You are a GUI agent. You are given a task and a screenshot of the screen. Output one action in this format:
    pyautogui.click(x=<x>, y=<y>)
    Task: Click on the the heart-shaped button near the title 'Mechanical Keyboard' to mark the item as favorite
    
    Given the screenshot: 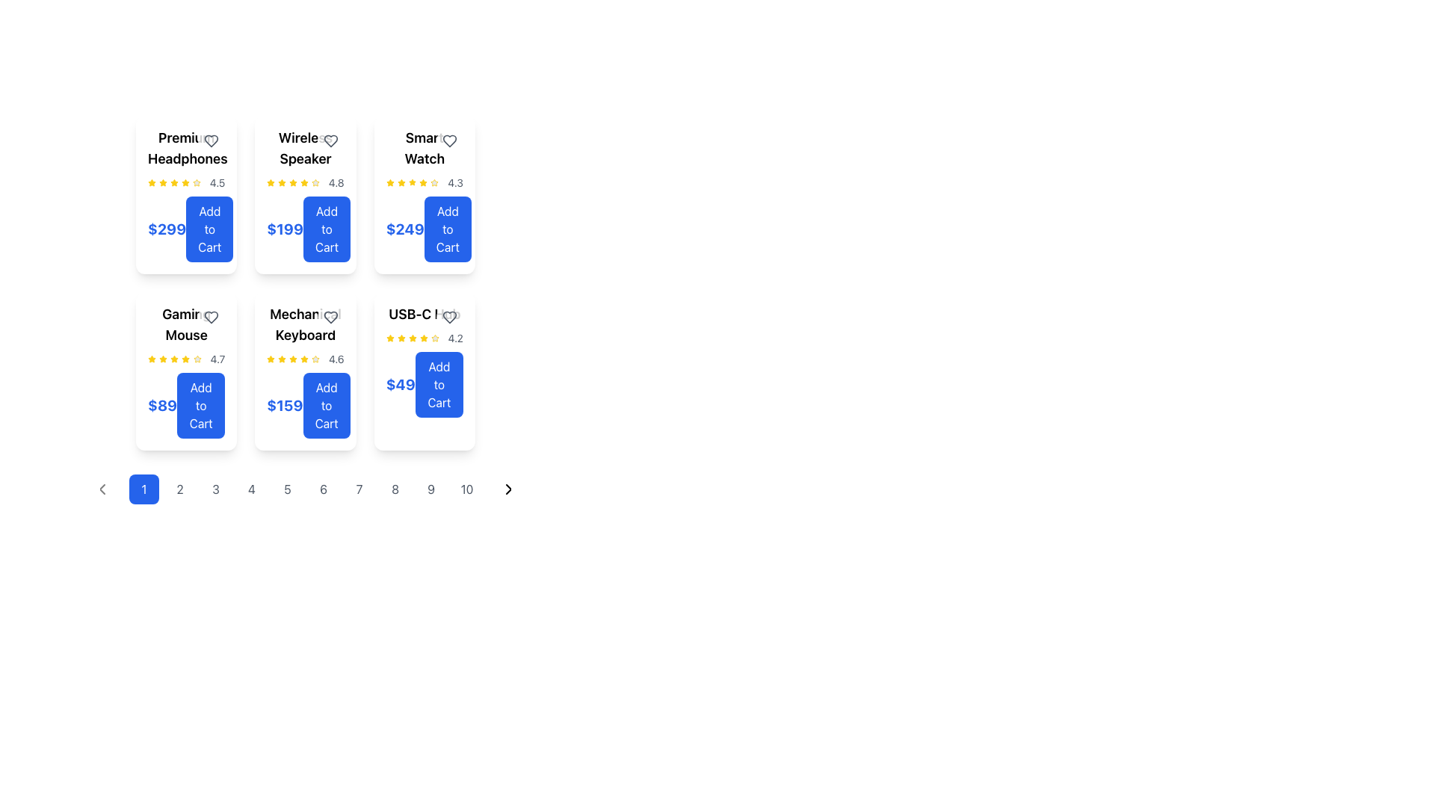 What is the action you would take?
    pyautogui.click(x=330, y=316)
    